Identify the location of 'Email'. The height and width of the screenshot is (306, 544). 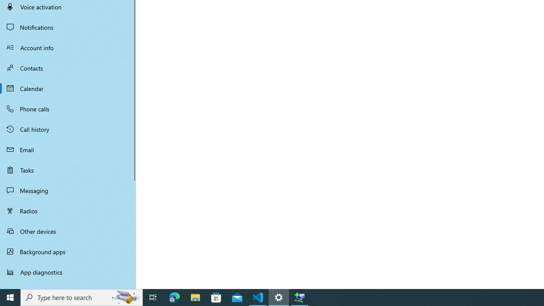
(68, 149).